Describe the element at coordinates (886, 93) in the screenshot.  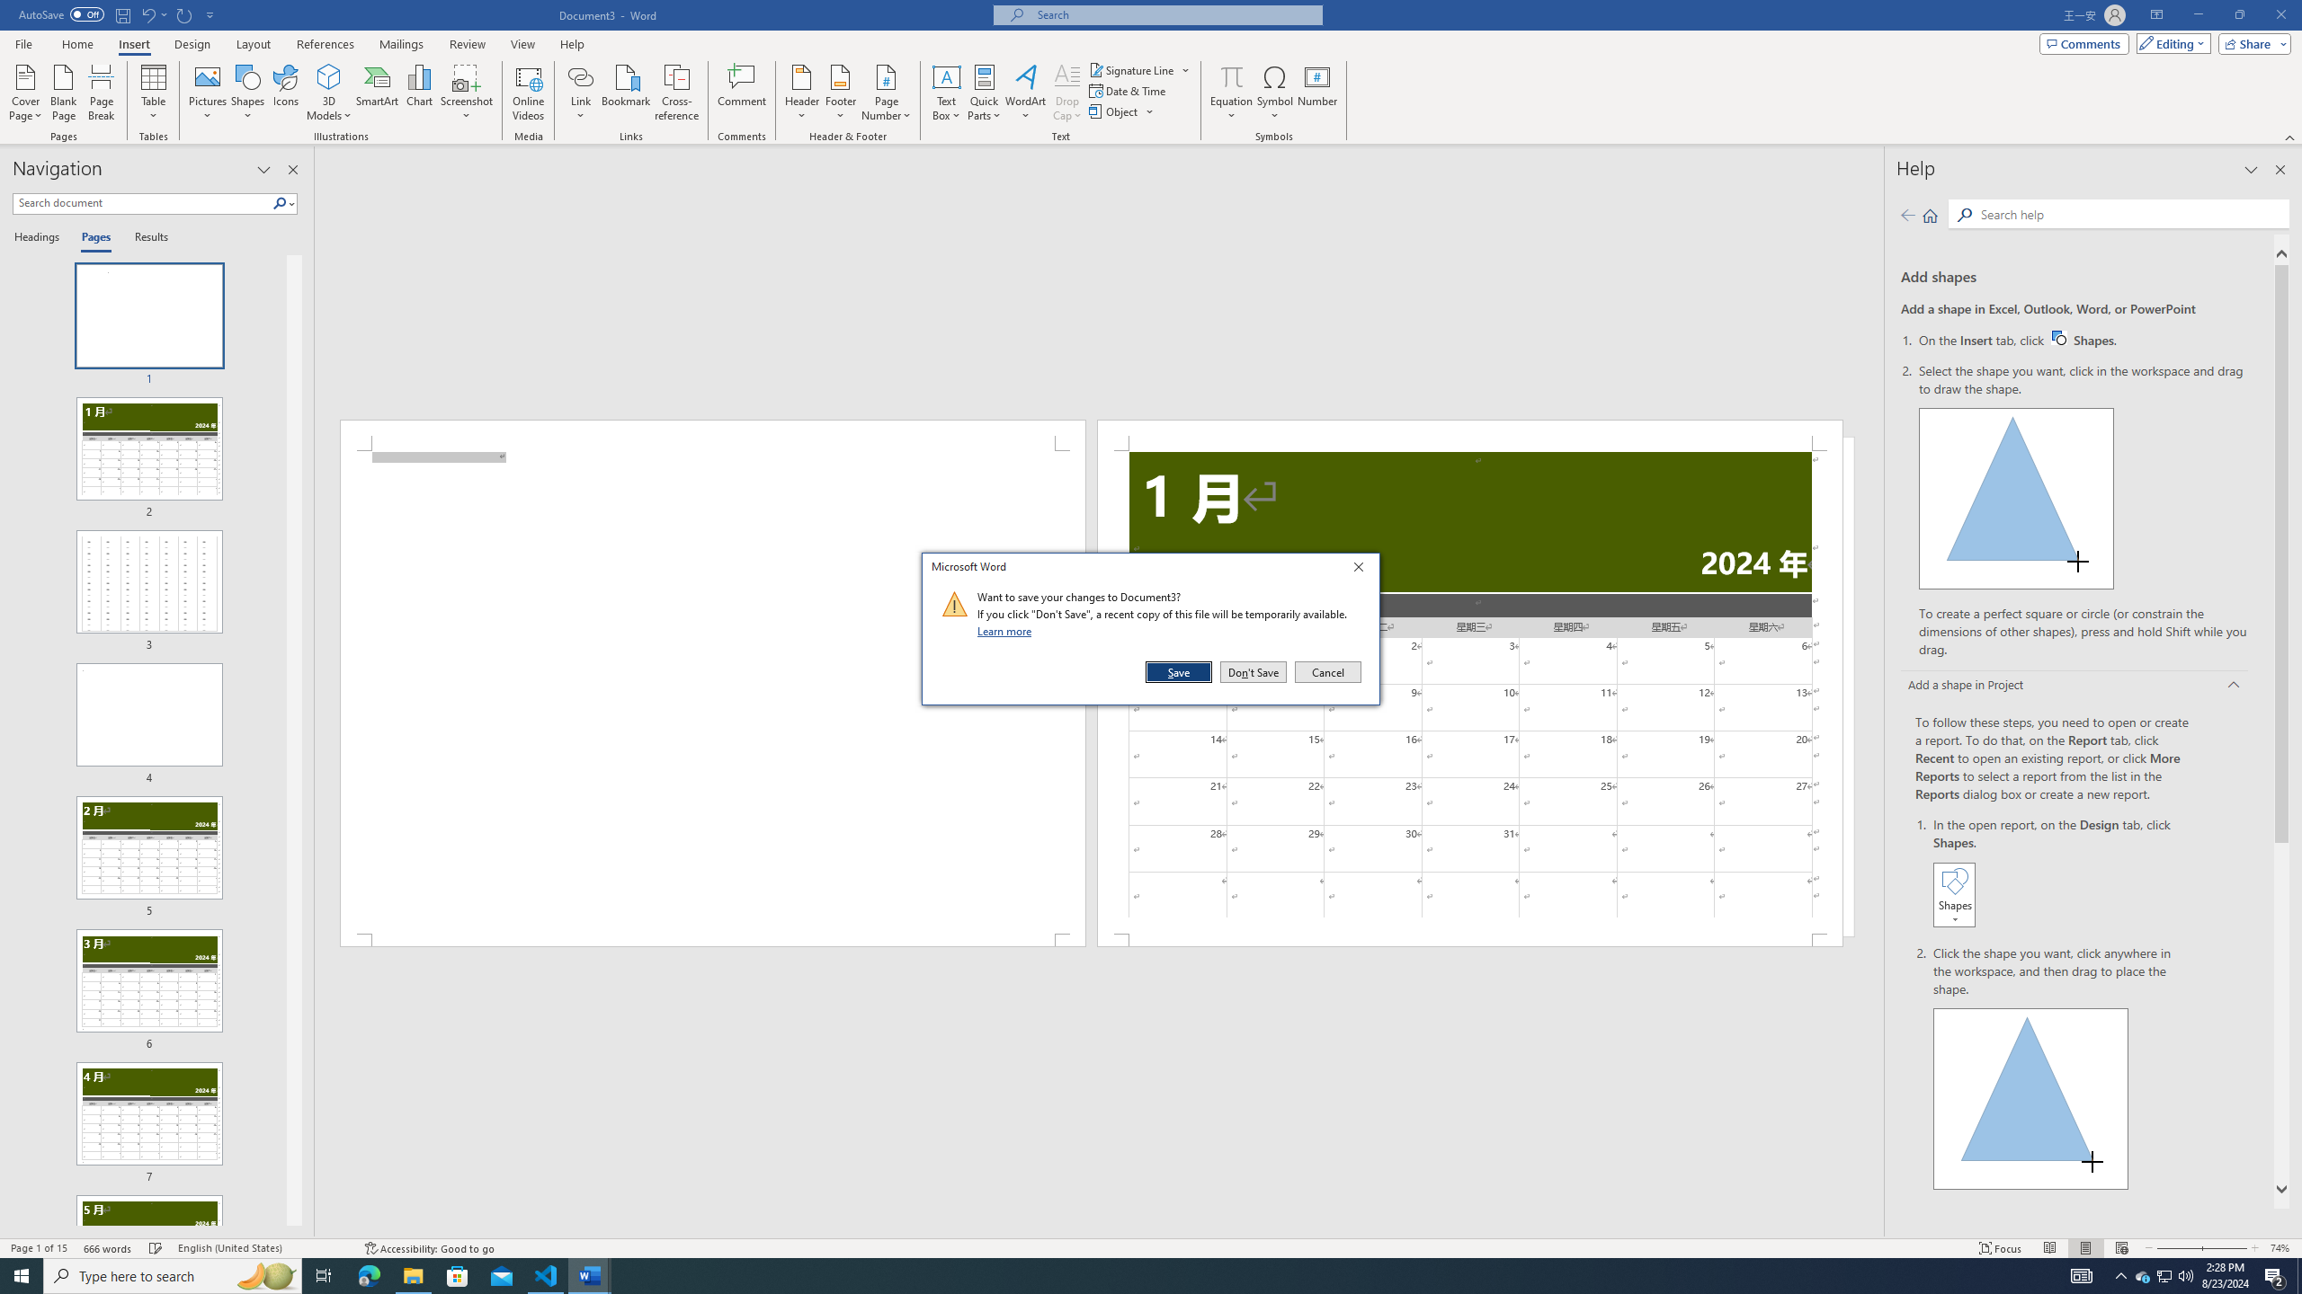
I see `'Page Number'` at that location.